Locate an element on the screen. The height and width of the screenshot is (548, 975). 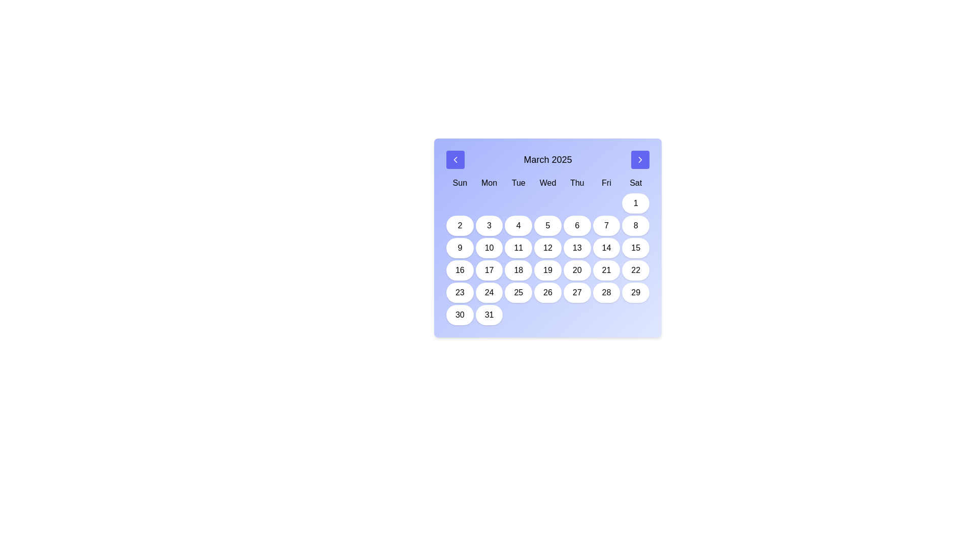
the rounded button displaying the number '5' in bold black font, which is located in the second row and fourth column of the calendar grid is located at coordinates (547, 225).